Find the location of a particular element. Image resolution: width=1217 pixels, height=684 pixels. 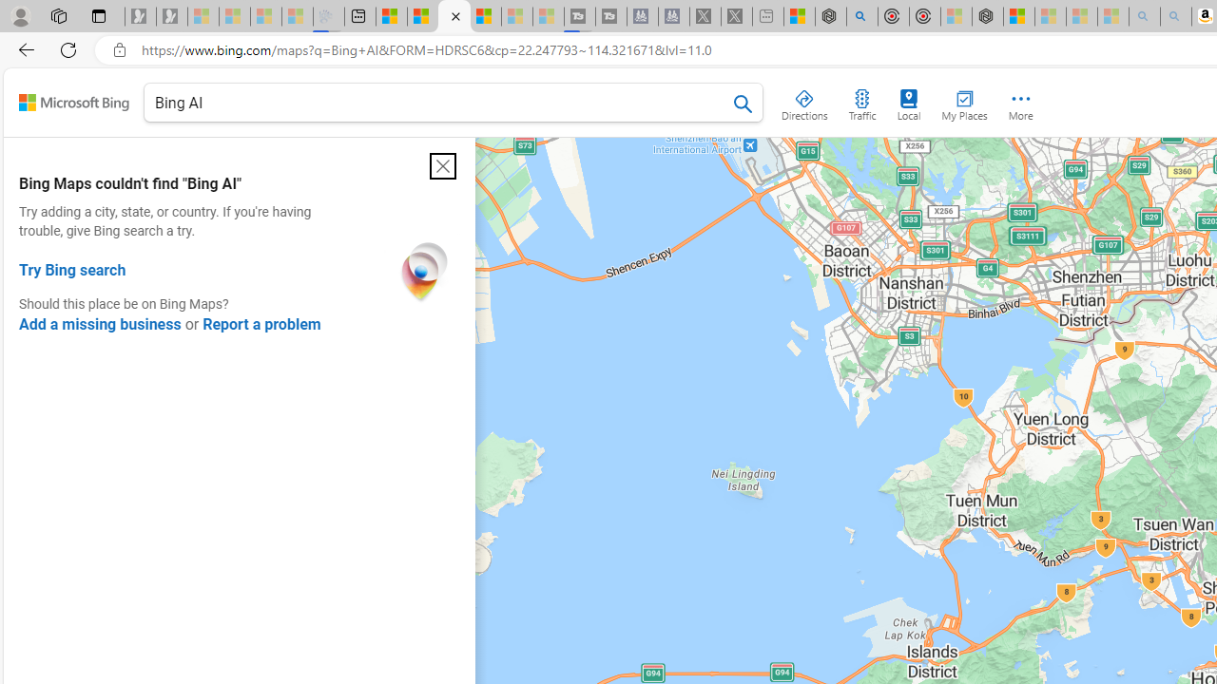

'Traffic' is located at coordinates (860, 101).